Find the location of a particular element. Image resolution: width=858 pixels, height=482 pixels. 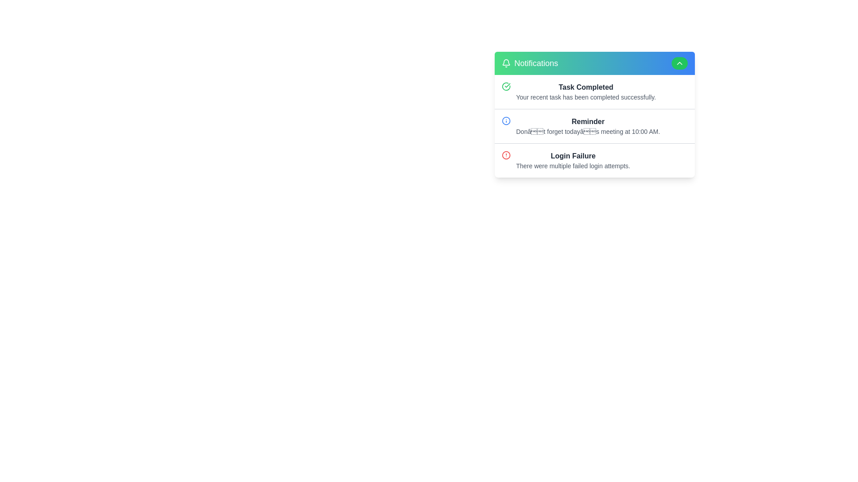

the third notification entry that alerts the user about a failed login activity is located at coordinates (594, 160).